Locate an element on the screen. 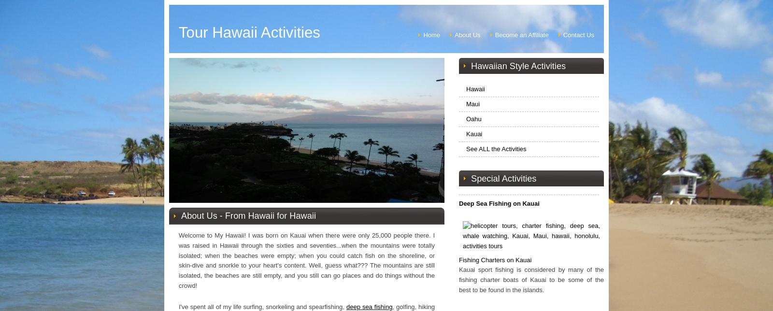  'deep sea fishing' is located at coordinates (369, 307).